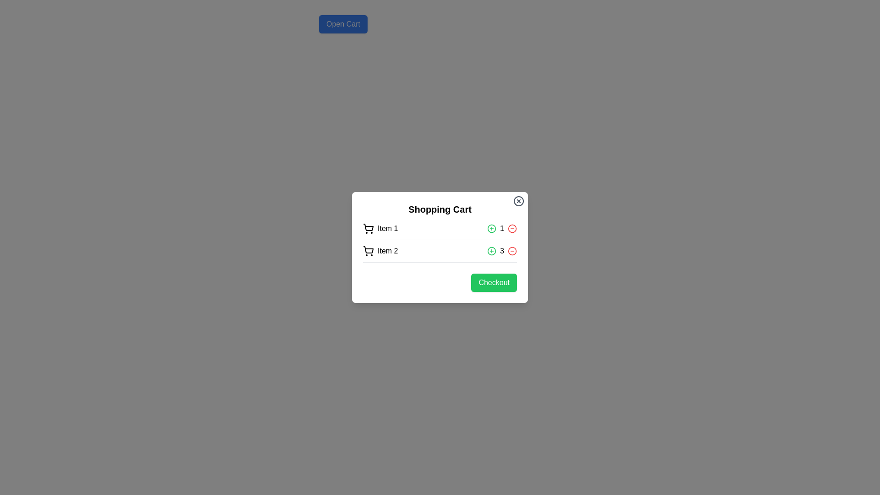 The width and height of the screenshot is (880, 495). I want to click on the close button located at the top-right corner of the 'Shopping Cart' popup, so click(519, 201).